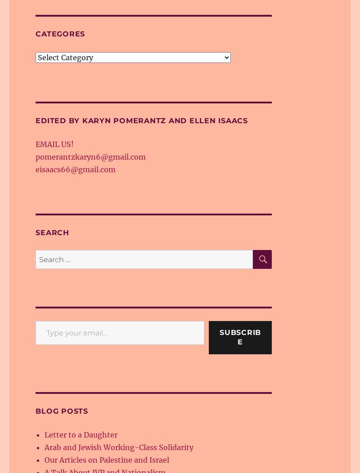 Image resolution: width=360 pixels, height=473 pixels. I want to click on 'Categores', so click(60, 33).